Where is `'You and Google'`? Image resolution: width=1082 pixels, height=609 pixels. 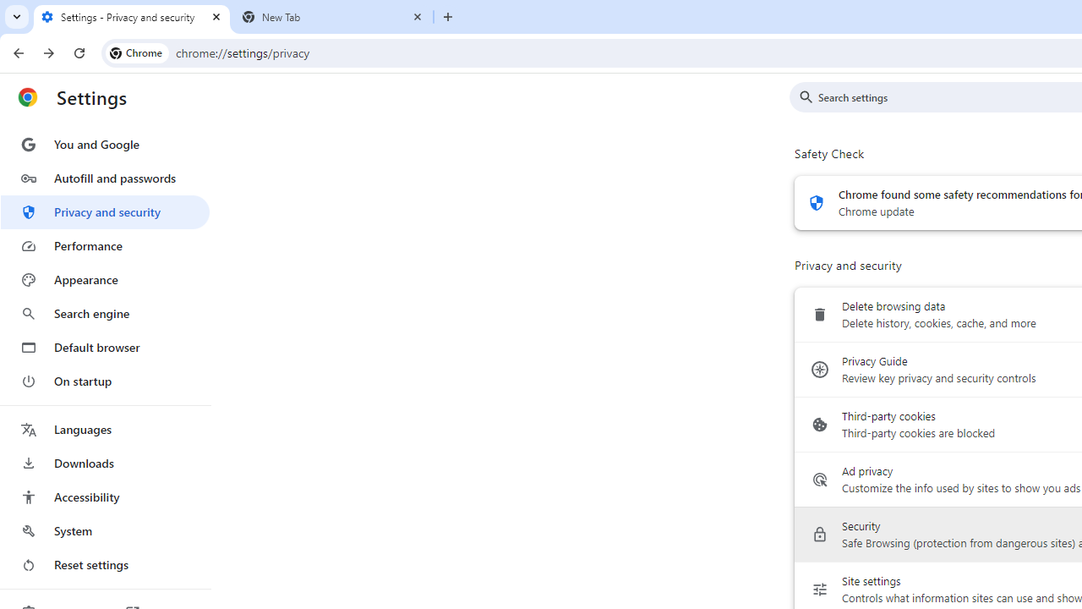
'You and Google' is located at coordinates (104, 144).